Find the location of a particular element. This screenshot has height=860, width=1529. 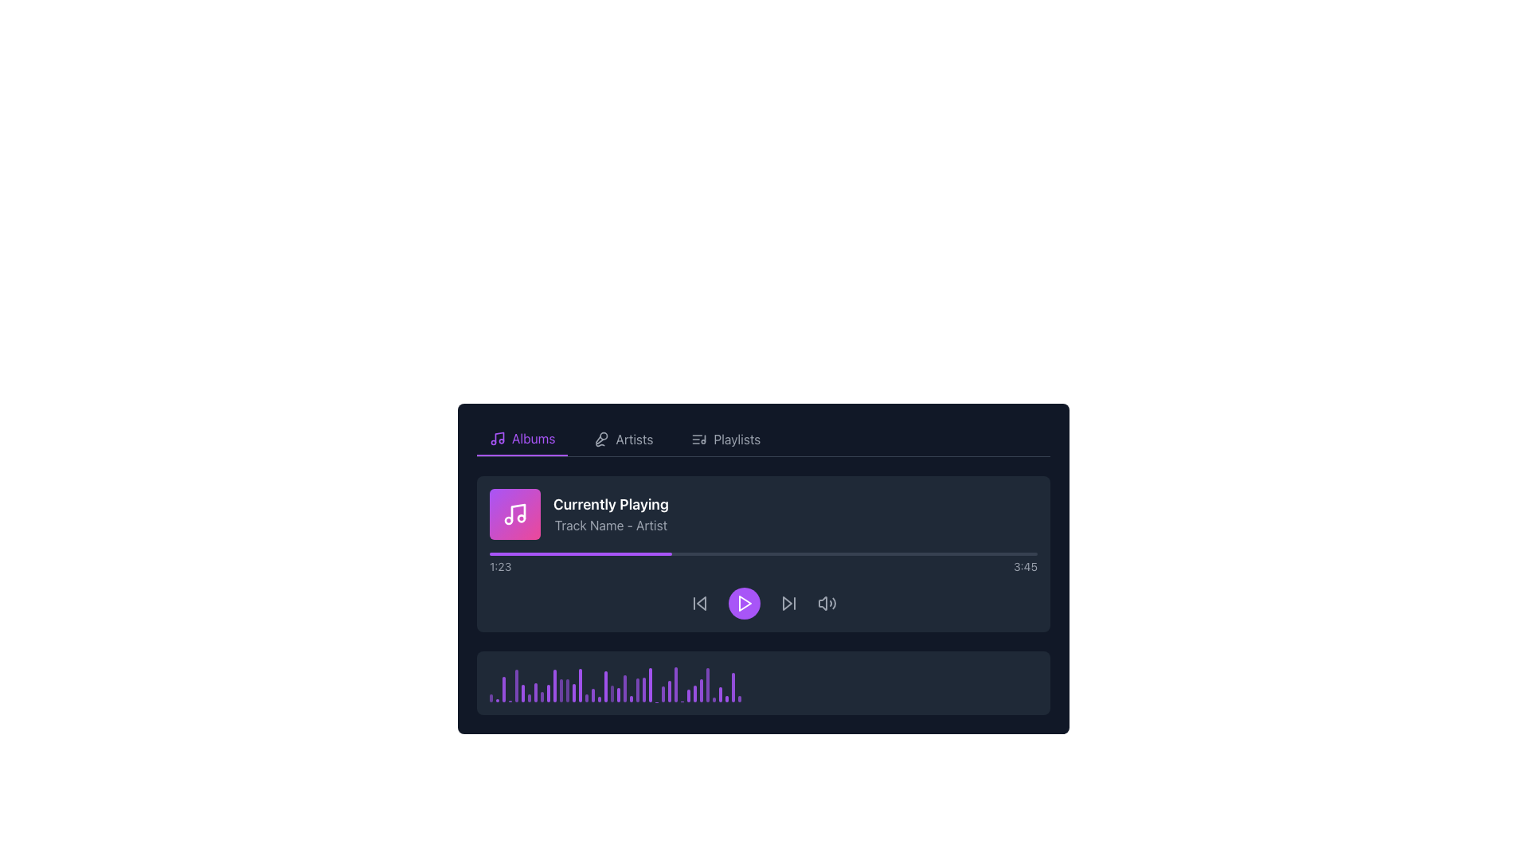

the 'Playlists' icon located in the navigation bar, adjacent to the 'Playlists' label is located at coordinates (699, 439).